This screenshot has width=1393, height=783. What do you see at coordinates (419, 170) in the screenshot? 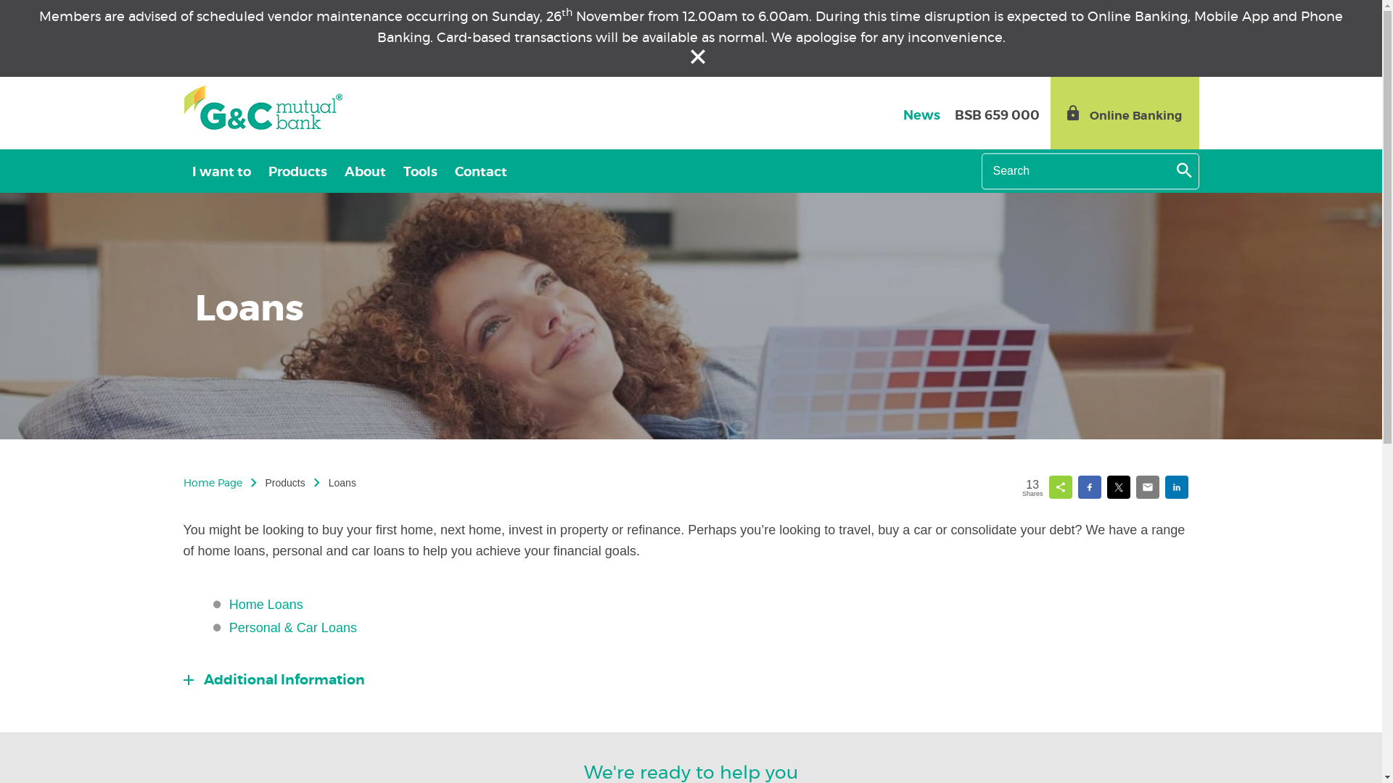
I see `'Tools'` at bounding box center [419, 170].